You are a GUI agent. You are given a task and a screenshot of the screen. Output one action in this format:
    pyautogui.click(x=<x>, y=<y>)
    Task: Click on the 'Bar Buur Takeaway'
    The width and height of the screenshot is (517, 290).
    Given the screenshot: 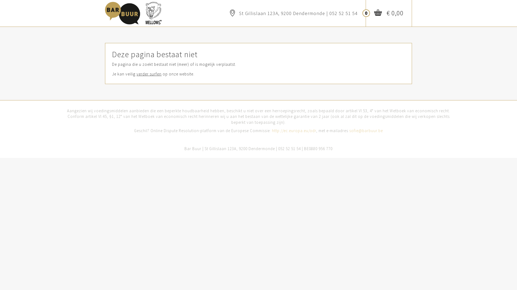 What is the action you would take?
    pyautogui.click(x=105, y=10)
    